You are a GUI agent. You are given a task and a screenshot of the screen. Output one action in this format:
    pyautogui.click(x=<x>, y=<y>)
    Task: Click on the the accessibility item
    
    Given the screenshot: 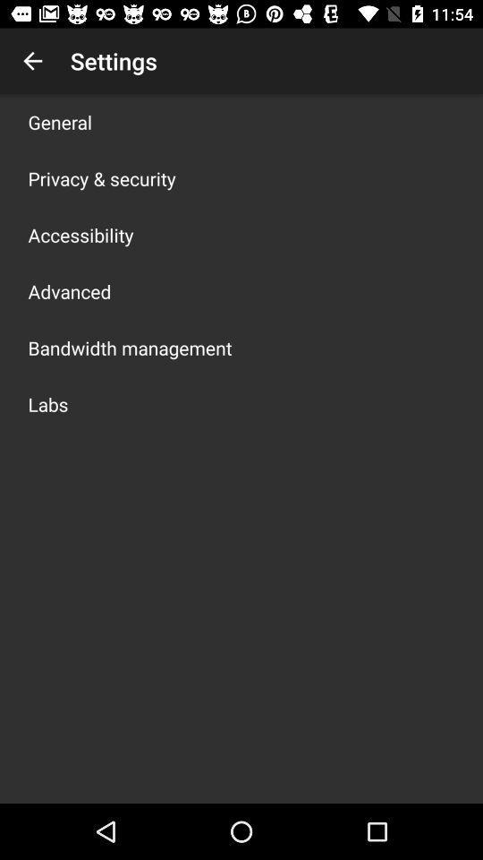 What is the action you would take?
    pyautogui.click(x=80, y=234)
    